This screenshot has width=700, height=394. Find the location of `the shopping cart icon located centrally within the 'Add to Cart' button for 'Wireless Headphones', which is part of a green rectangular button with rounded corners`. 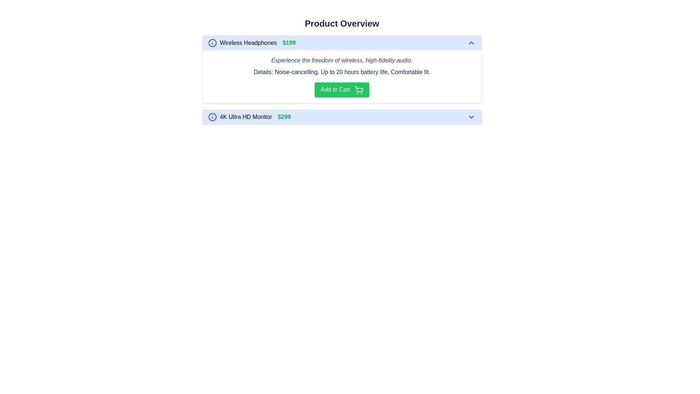

the shopping cart icon located centrally within the 'Add to Cart' button for 'Wireless Headphones', which is part of a green rectangular button with rounded corners is located at coordinates (359, 89).